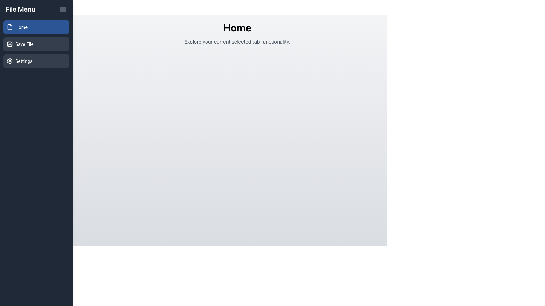  What do you see at coordinates (10, 61) in the screenshot?
I see `the gear-shaped icon located in the 'Settings' menu` at bounding box center [10, 61].